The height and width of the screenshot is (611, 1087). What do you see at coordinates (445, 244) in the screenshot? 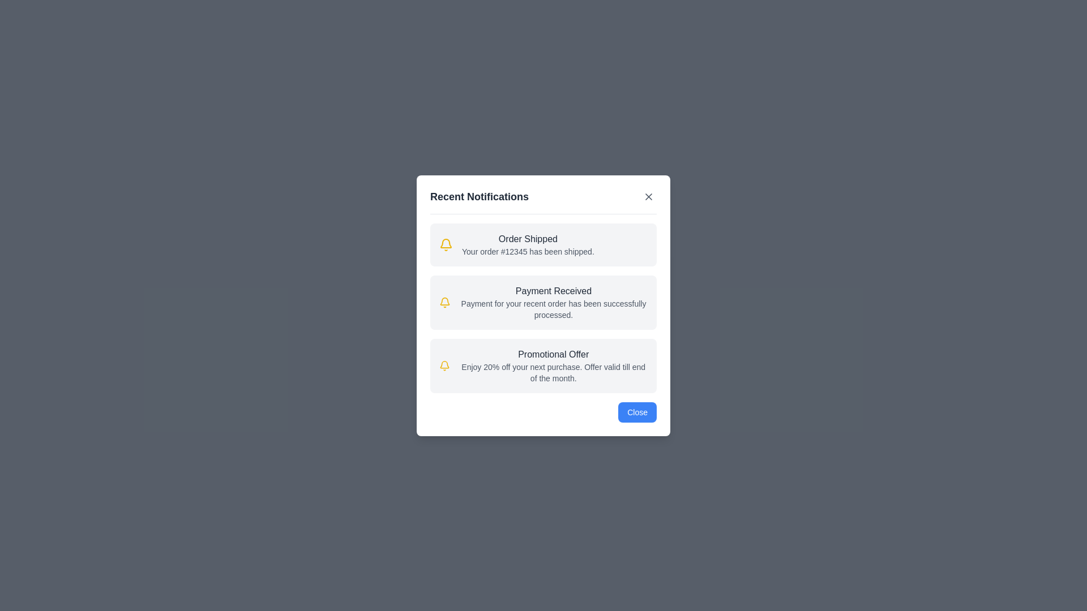
I see `the icons associated with the notifications to ensure they are visible and identifiable` at bounding box center [445, 244].